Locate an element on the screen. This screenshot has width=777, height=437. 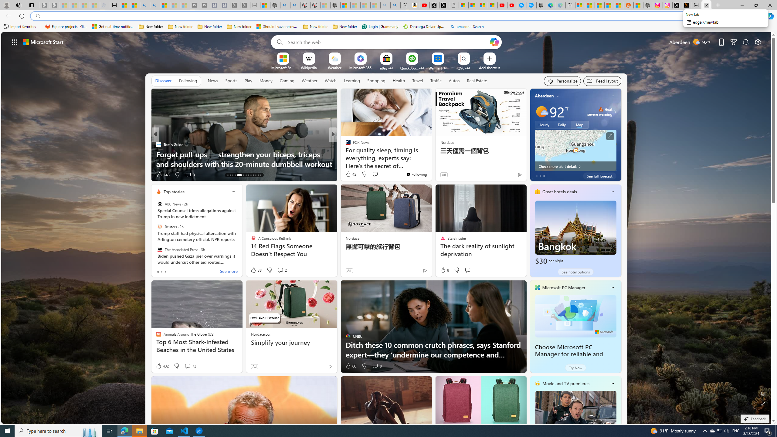
'View comments 4 Comment' is located at coordinates (375, 174).